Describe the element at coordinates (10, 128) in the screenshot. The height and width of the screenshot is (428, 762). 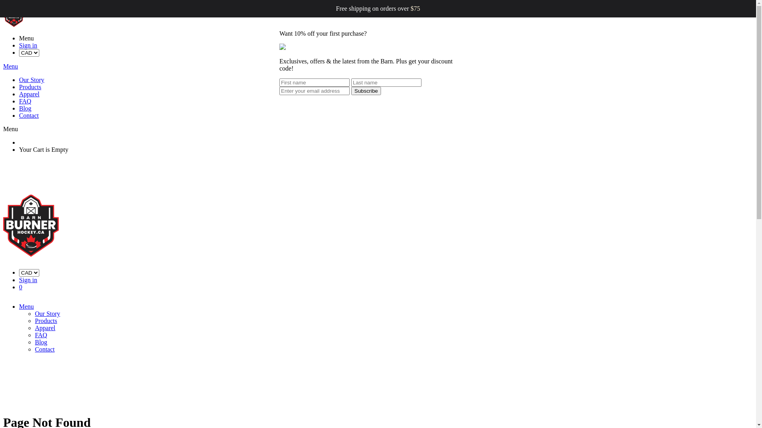
I see `'Menu'` at that location.